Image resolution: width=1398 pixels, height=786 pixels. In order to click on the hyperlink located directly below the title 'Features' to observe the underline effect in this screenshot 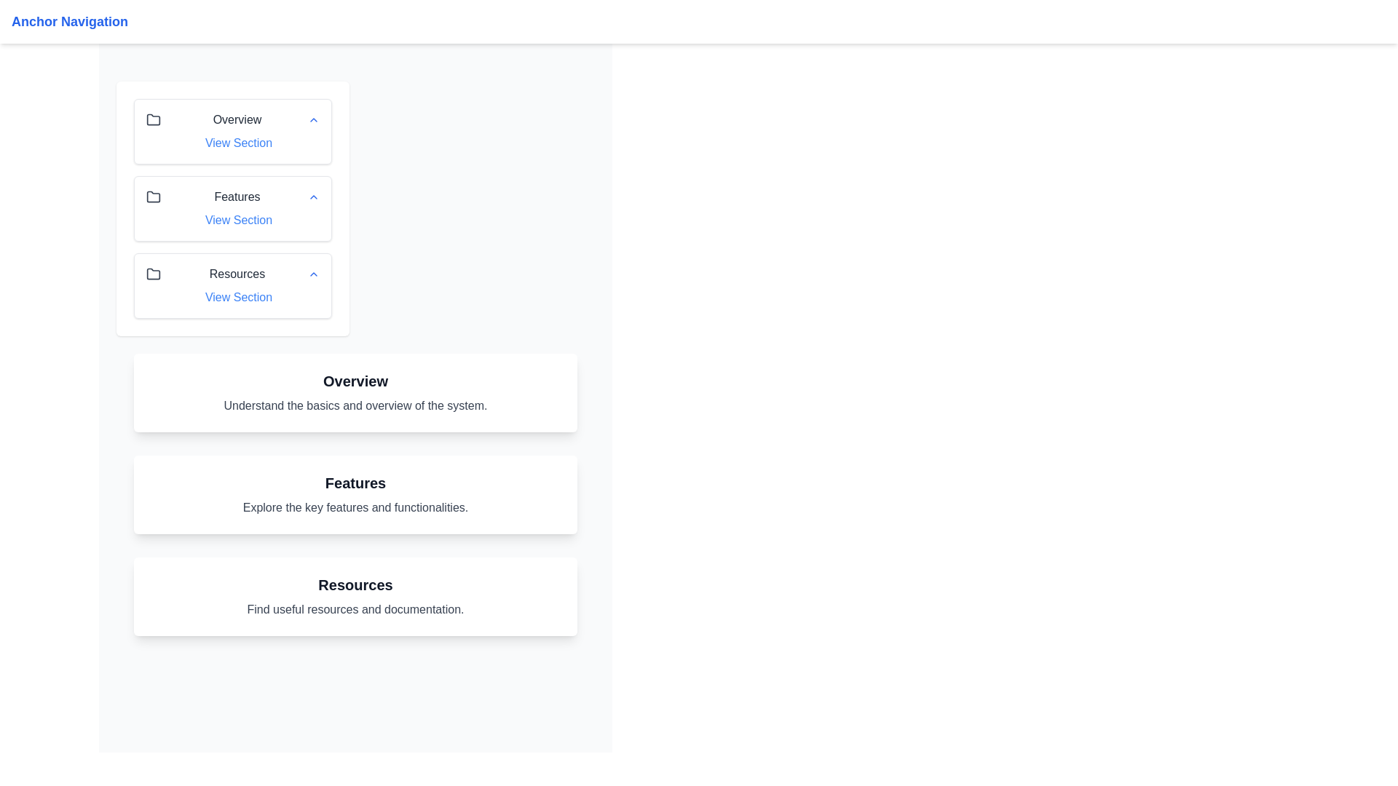, I will do `click(233, 221)`.